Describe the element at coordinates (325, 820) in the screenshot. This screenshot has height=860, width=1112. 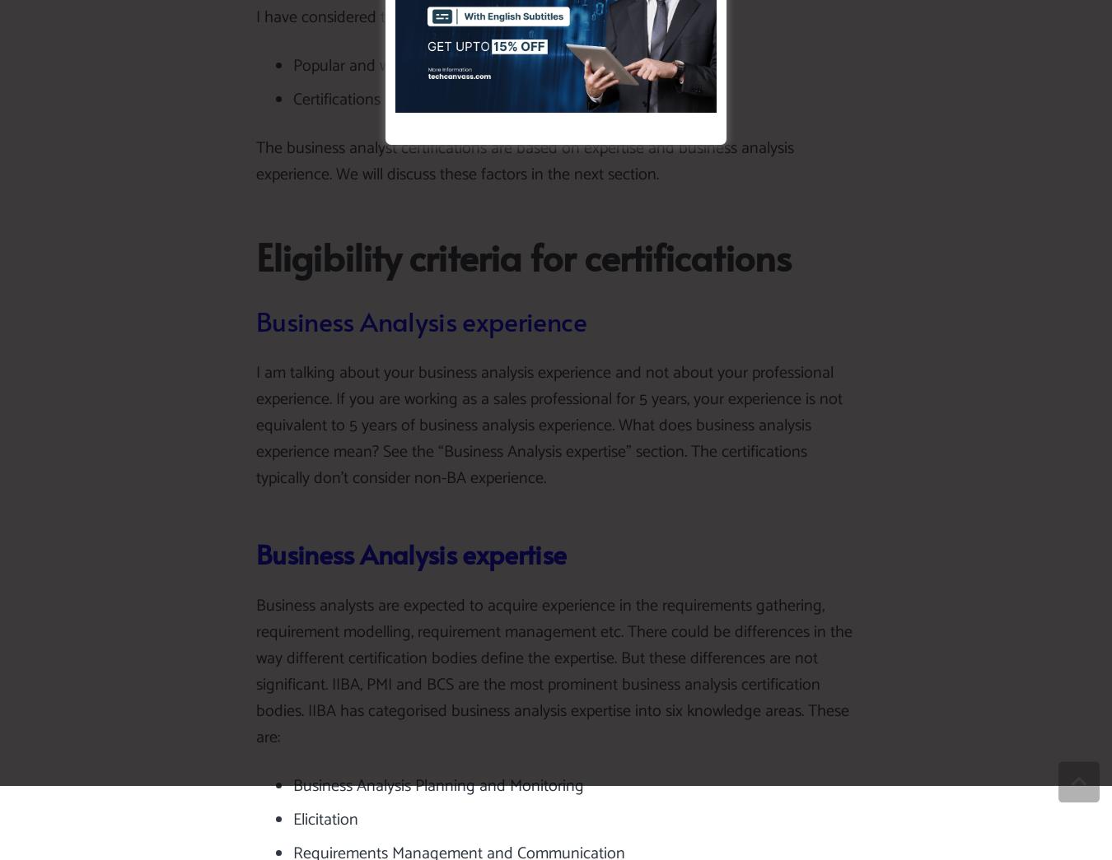
I see `'Elicitation'` at that location.